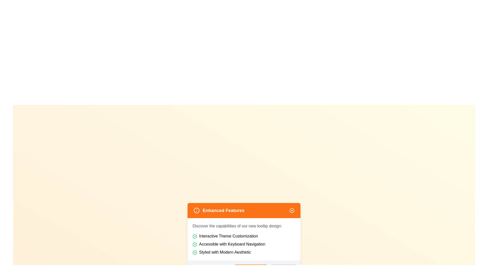 The height and width of the screenshot is (272, 484). What do you see at coordinates (194, 236) in the screenshot?
I see `the circular graphical icon with a green border that indicates success or verification, positioned closely next to a label in the list` at bounding box center [194, 236].